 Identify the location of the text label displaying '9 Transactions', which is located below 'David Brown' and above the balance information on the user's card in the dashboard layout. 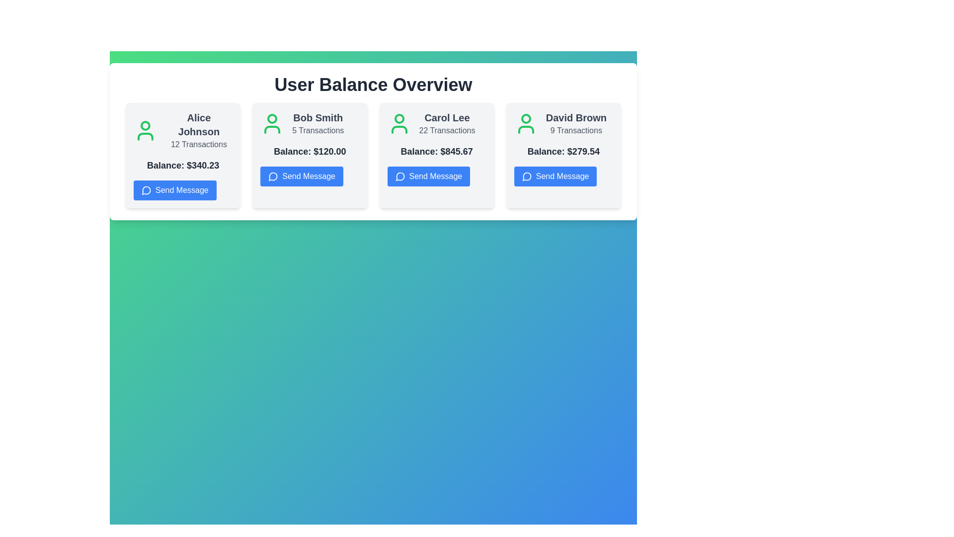
(576, 130).